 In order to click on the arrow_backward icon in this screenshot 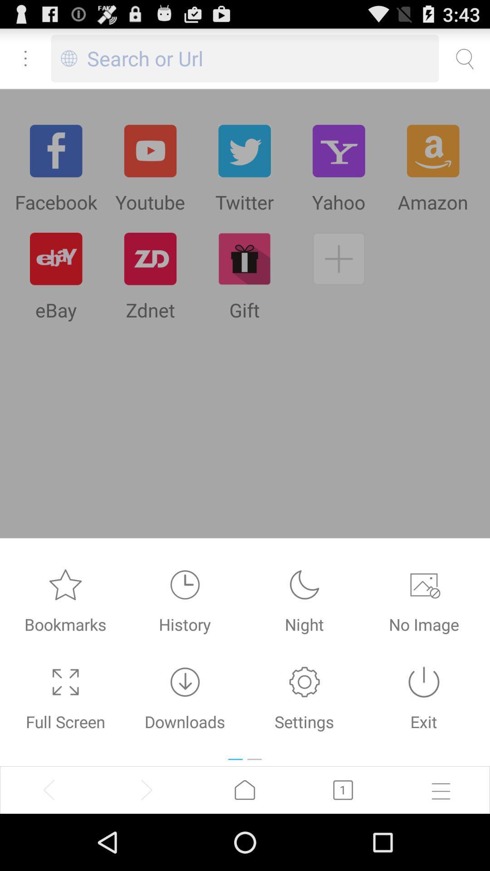, I will do `click(49, 845)`.